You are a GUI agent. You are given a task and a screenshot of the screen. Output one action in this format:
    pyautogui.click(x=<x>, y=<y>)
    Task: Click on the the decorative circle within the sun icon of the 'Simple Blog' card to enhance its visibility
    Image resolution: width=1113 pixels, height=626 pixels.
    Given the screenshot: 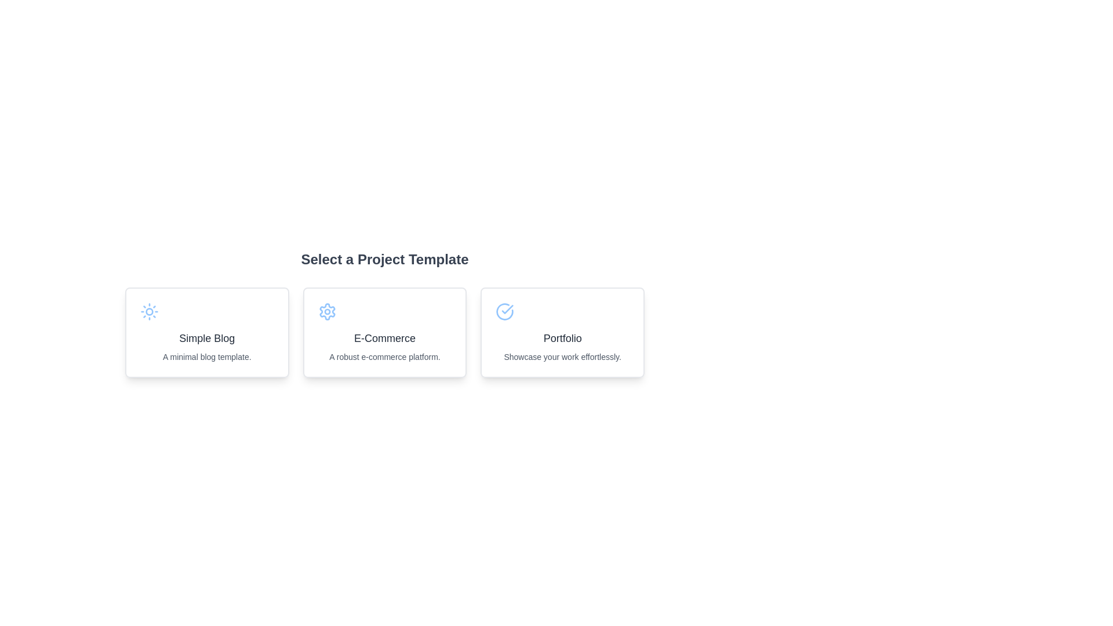 What is the action you would take?
    pyautogui.click(x=149, y=311)
    